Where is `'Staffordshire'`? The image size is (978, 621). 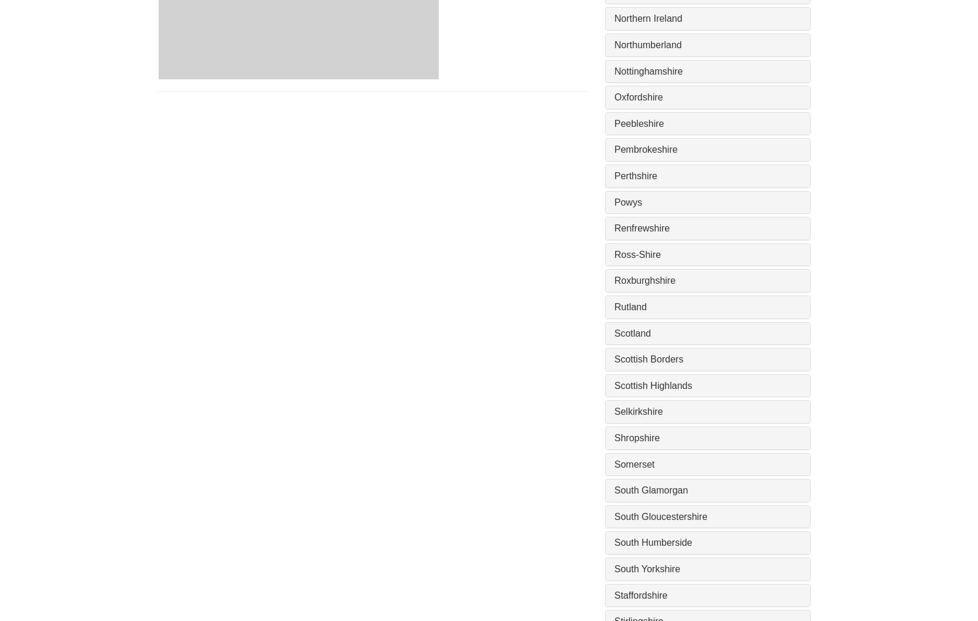 'Staffordshire' is located at coordinates (641, 594).